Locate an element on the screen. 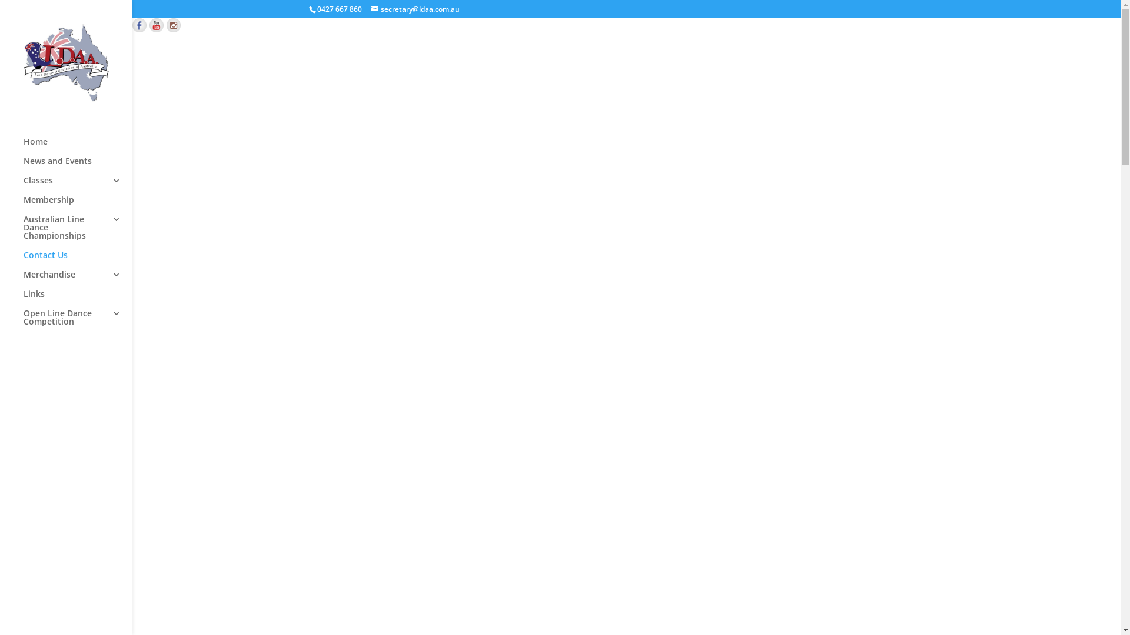 This screenshot has height=635, width=1130. 'Merchandise' is located at coordinates (77, 280).